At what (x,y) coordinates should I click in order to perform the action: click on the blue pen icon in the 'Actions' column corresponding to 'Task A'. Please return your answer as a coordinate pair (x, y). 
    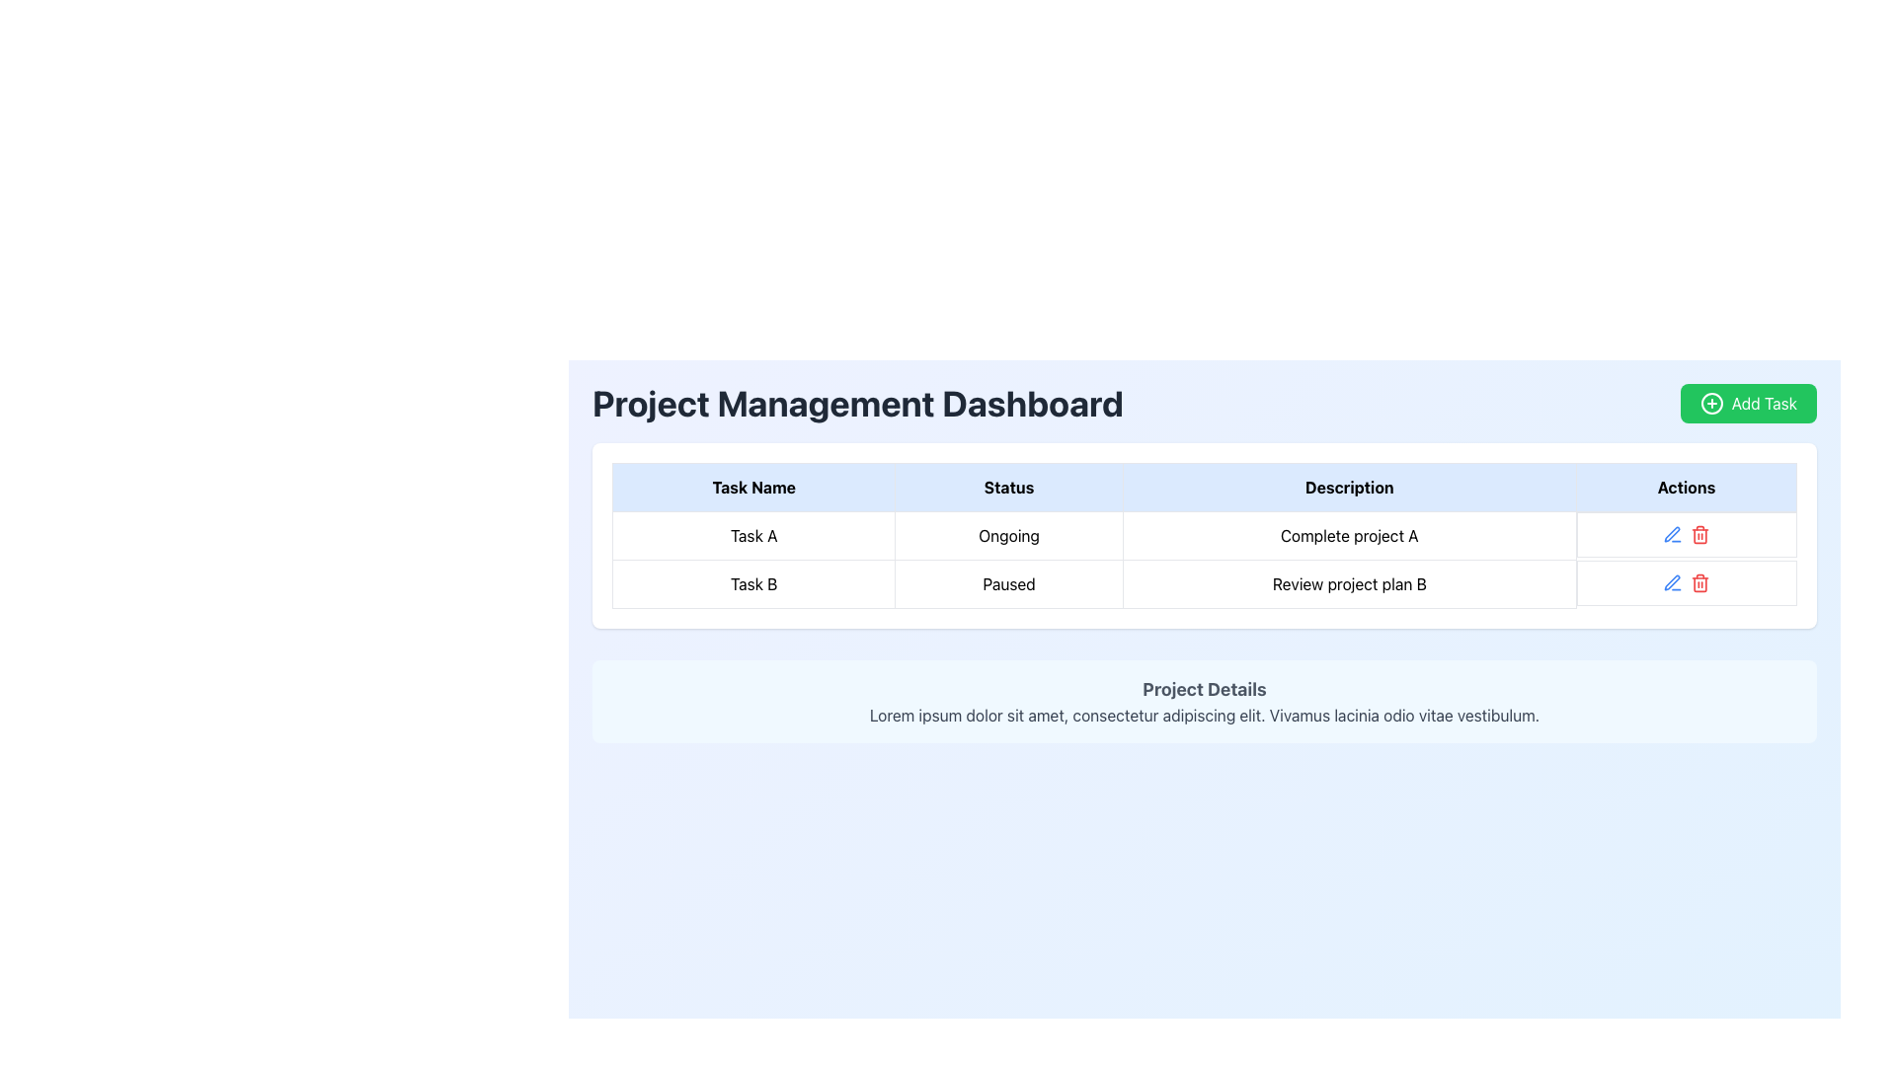
    Looking at the image, I should click on (1672, 581).